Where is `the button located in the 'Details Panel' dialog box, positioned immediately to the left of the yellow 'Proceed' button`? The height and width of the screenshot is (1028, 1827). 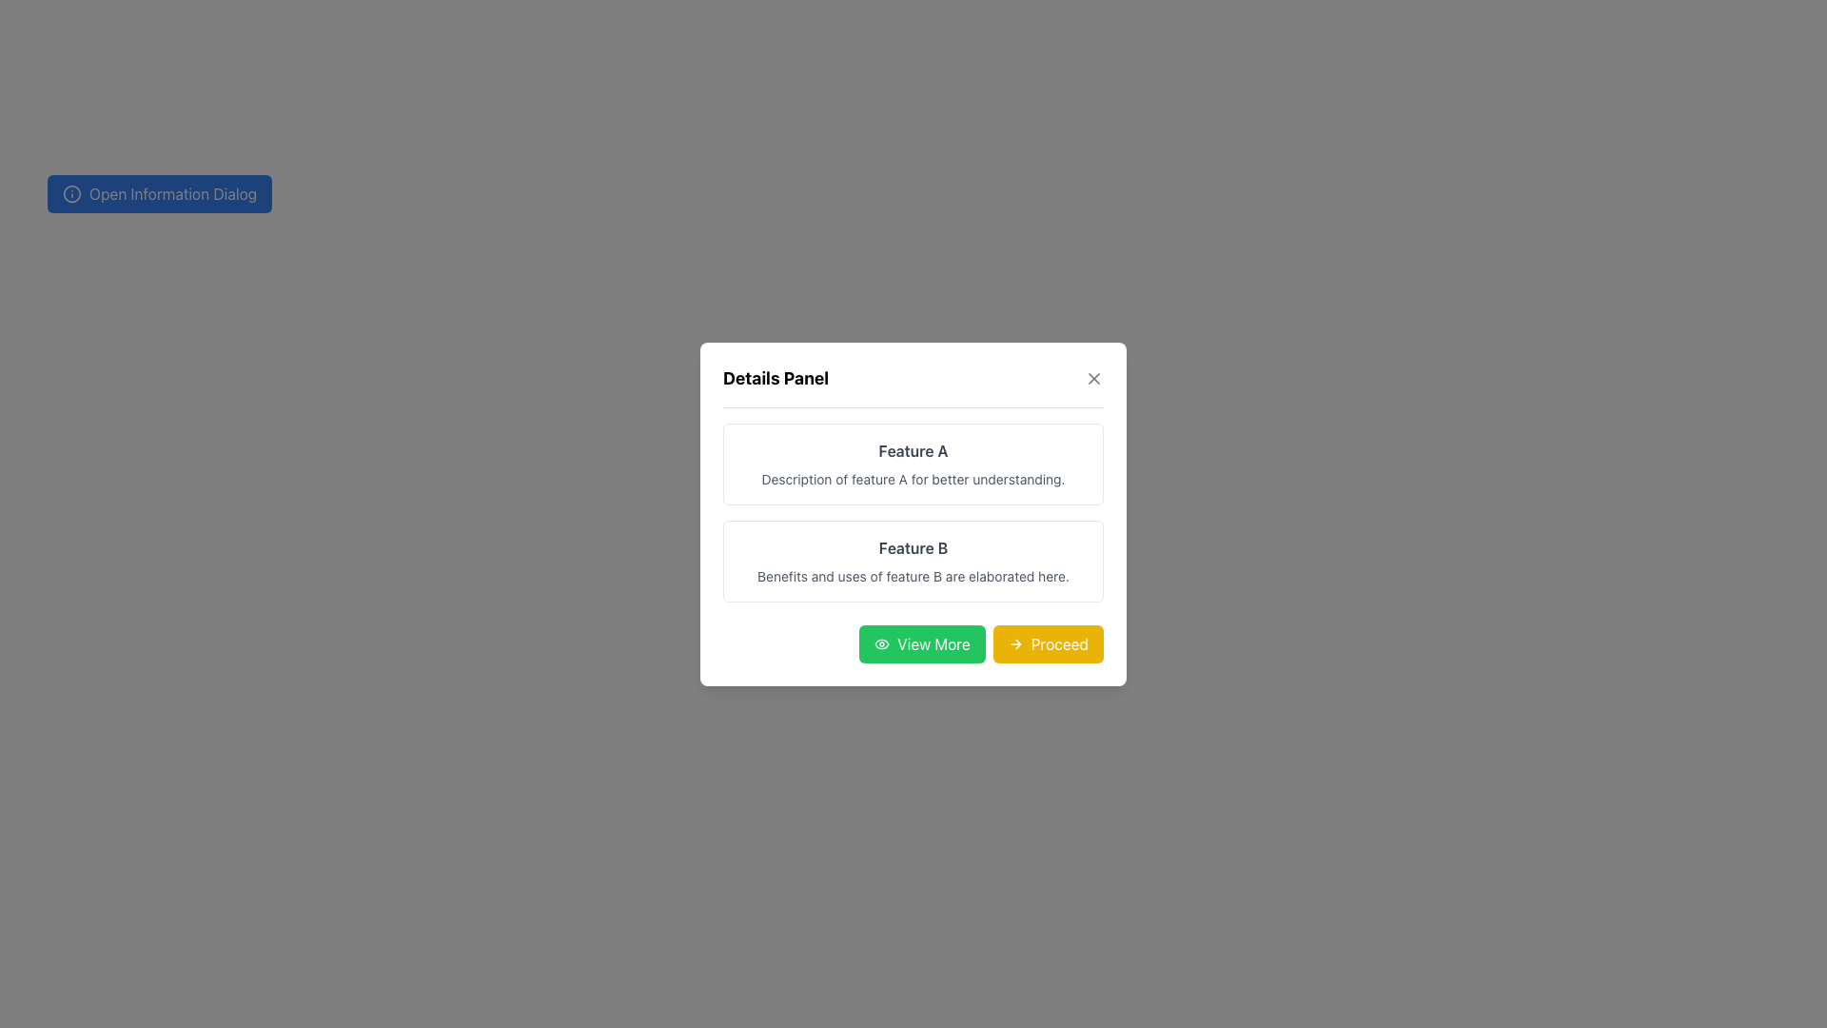
the button located in the 'Details Panel' dialog box, positioned immediately to the left of the yellow 'Proceed' button is located at coordinates (922, 642).